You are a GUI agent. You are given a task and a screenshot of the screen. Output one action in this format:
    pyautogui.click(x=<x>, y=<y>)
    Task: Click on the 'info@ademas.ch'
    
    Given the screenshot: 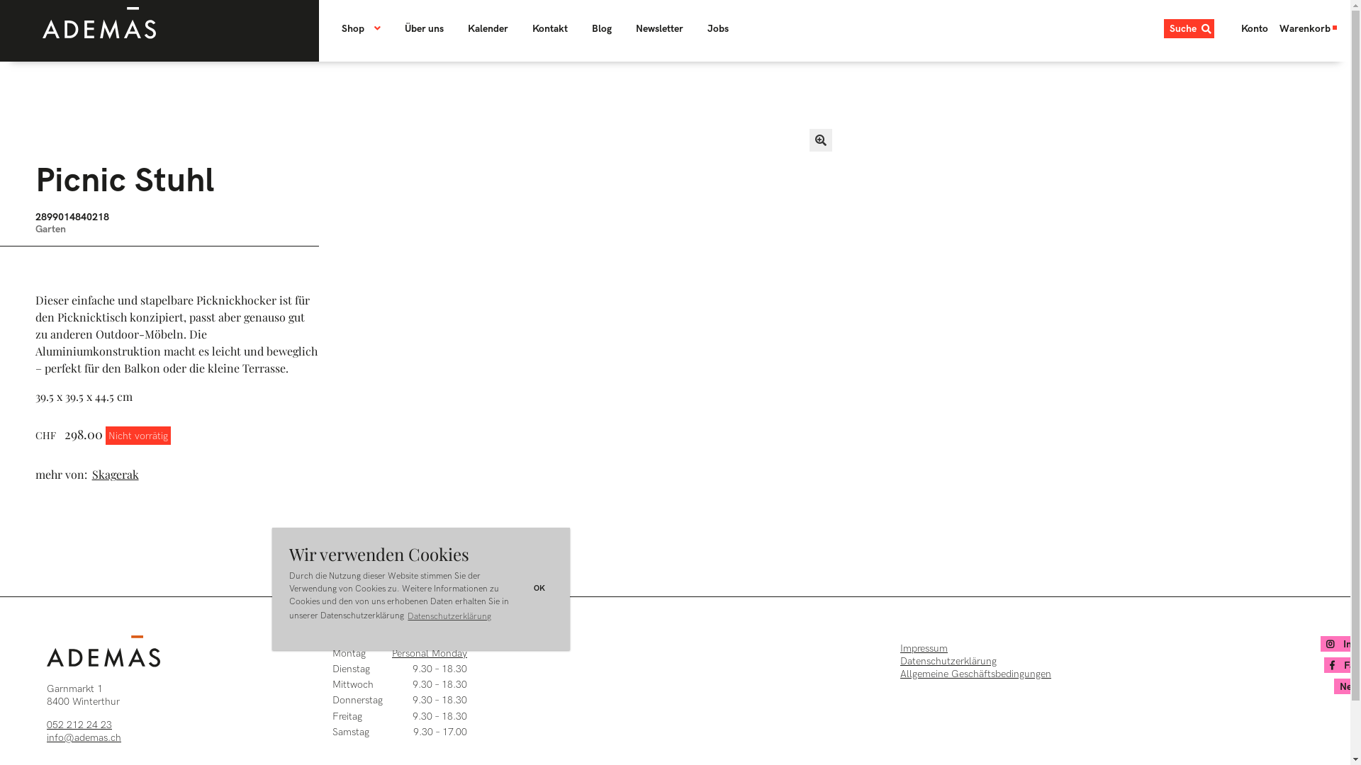 What is the action you would take?
    pyautogui.click(x=47, y=737)
    